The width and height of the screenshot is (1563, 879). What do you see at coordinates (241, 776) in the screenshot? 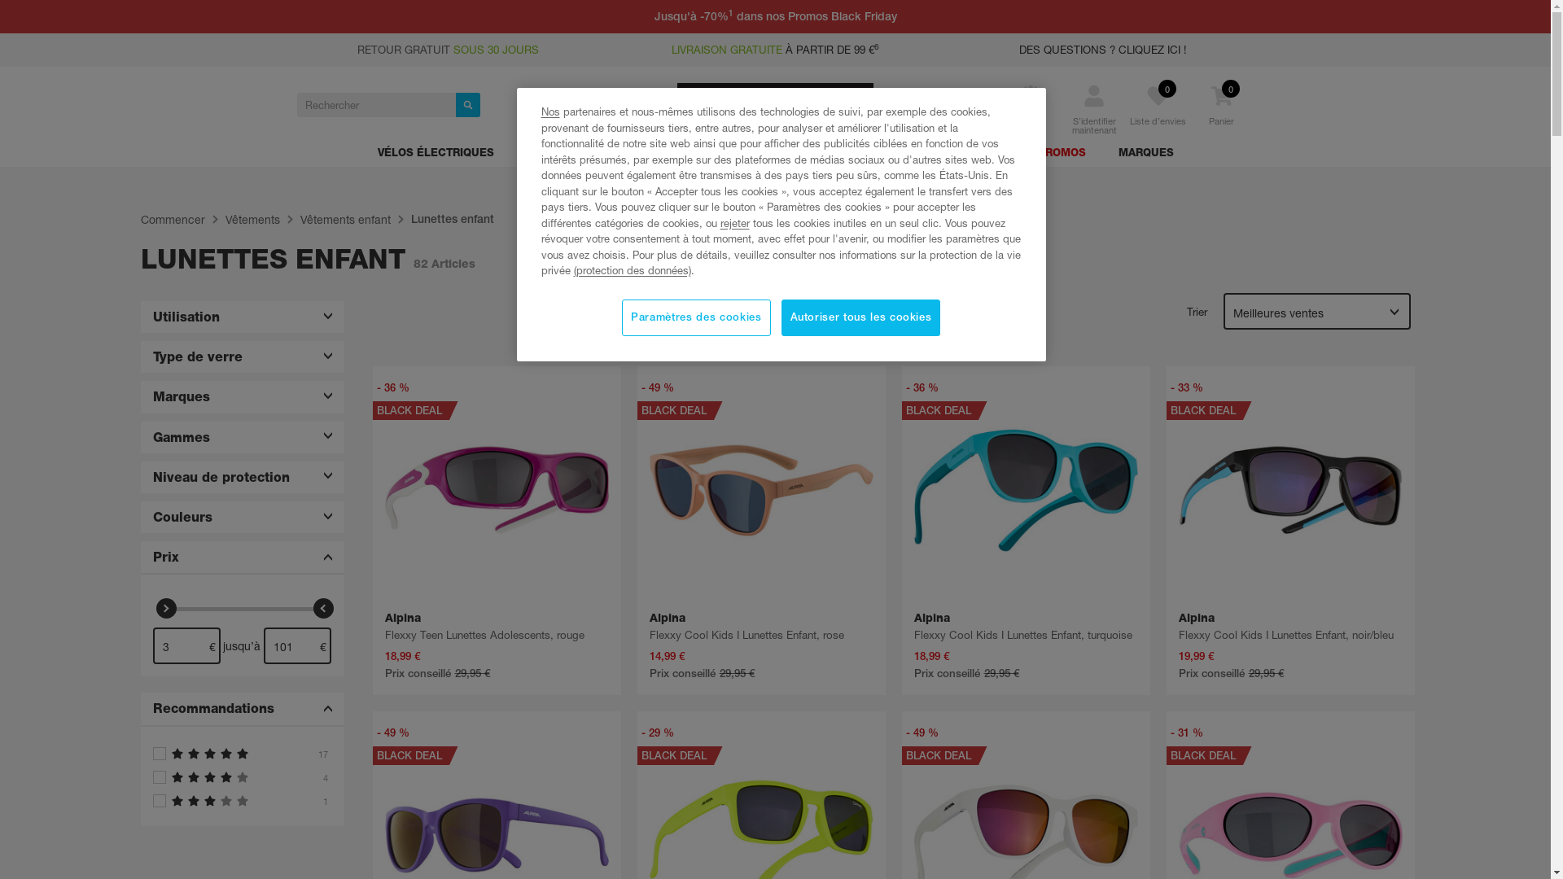
I see `'Filtrer par 4'` at bounding box center [241, 776].